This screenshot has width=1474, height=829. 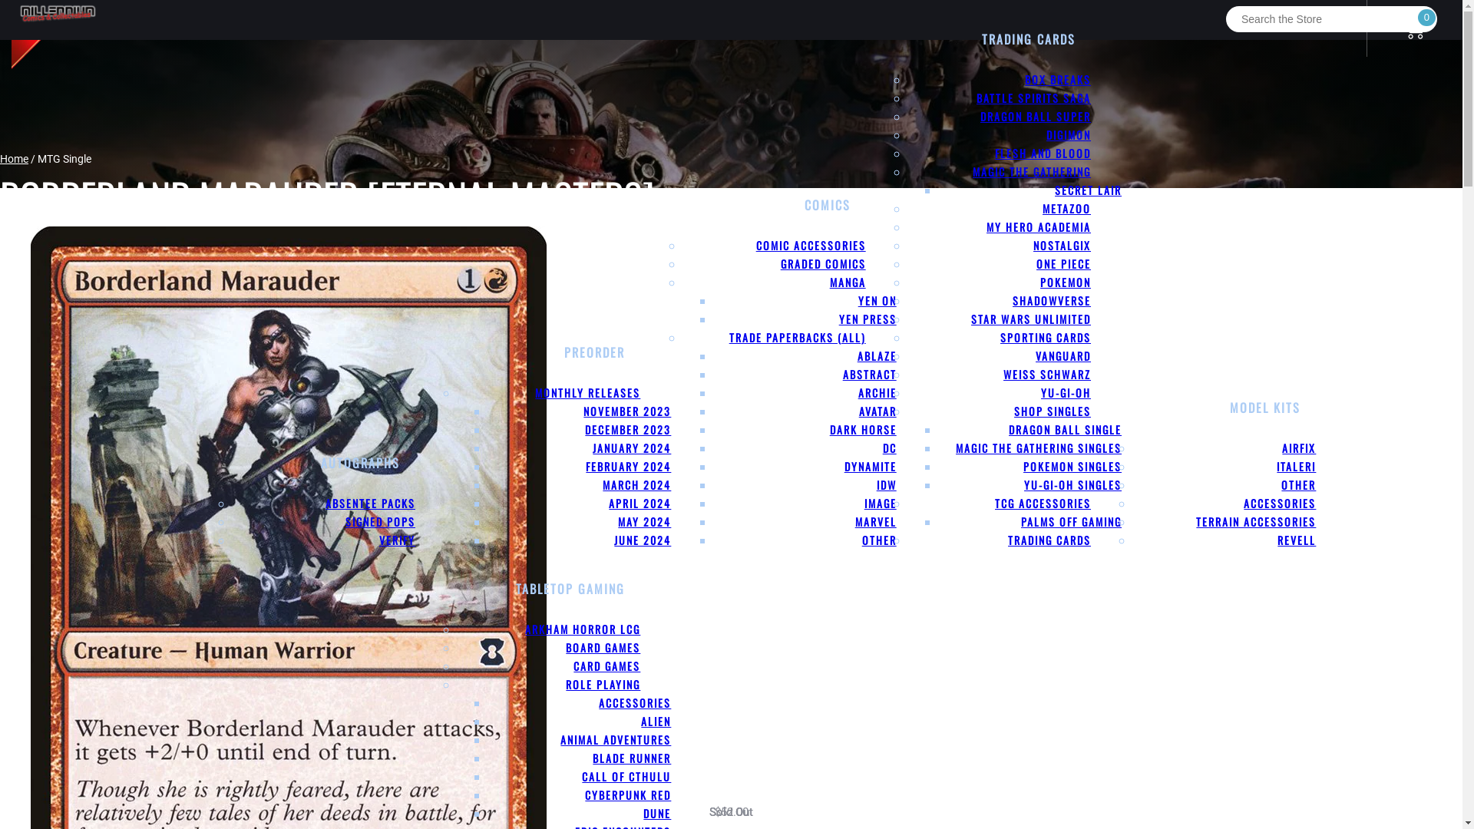 What do you see at coordinates (877, 391) in the screenshot?
I see `'ARCHIE'` at bounding box center [877, 391].